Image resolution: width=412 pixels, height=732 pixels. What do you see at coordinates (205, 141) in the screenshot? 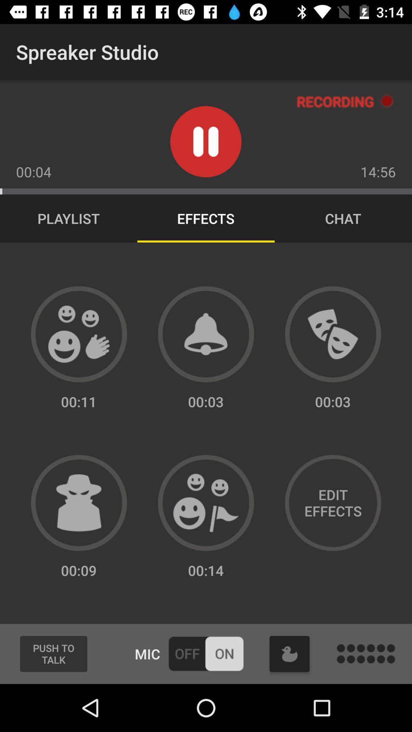
I see `a button to pause` at bounding box center [205, 141].